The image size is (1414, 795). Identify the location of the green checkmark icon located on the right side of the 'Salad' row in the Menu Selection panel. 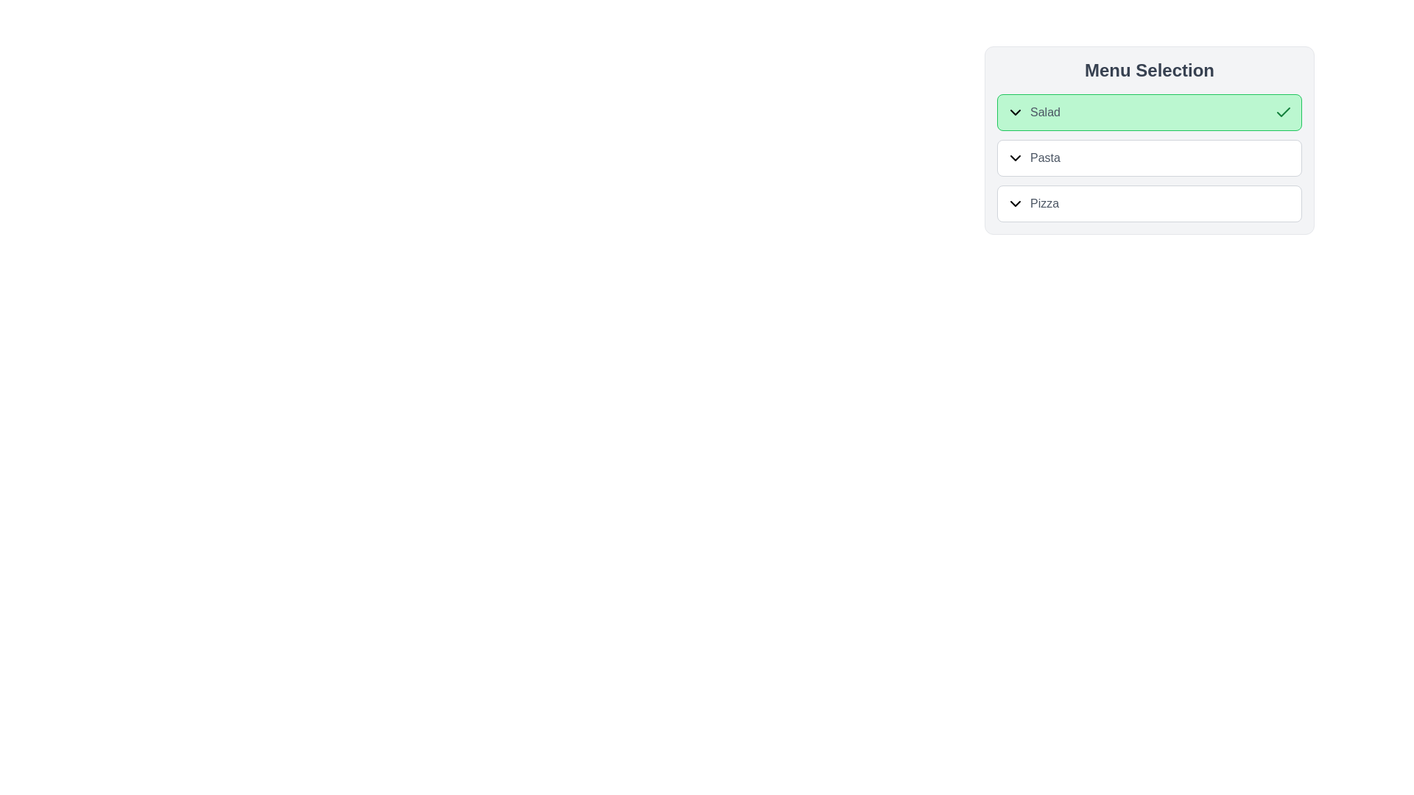
(1282, 112).